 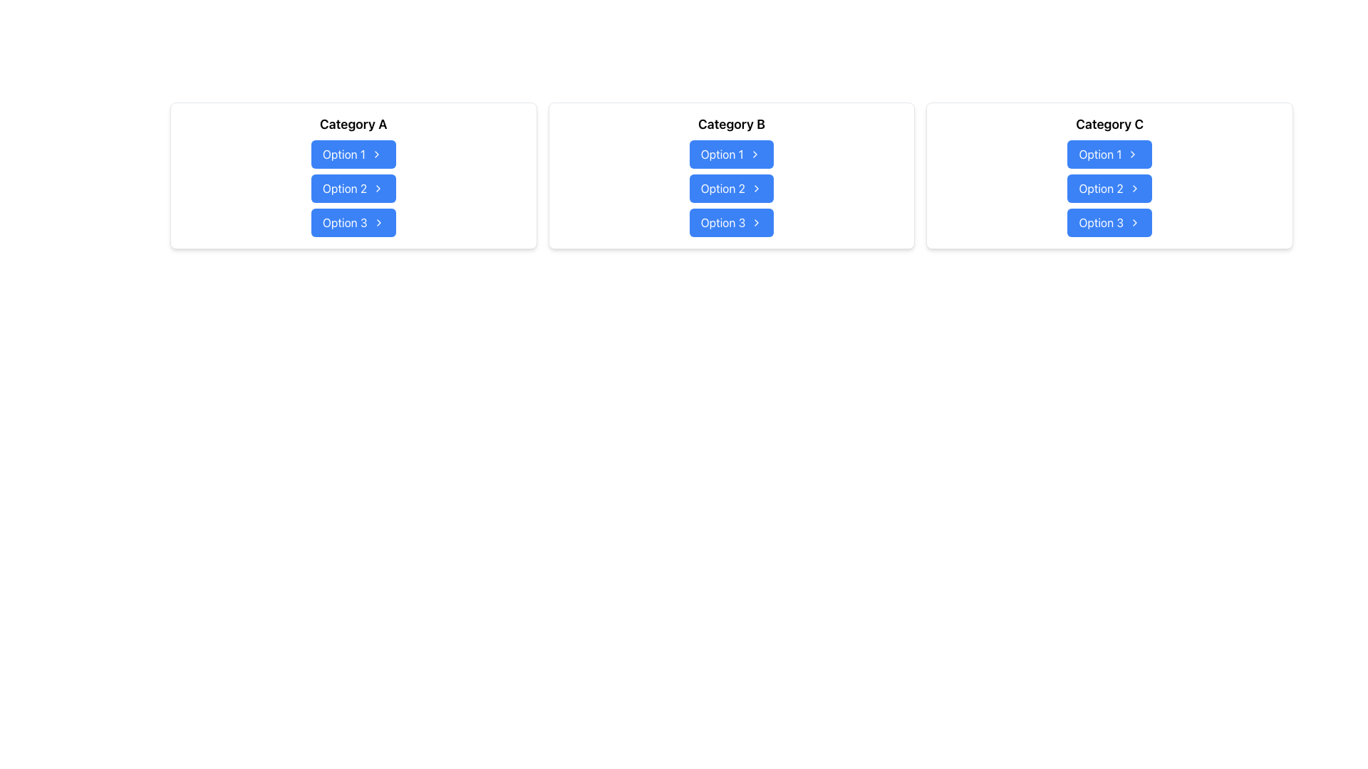 What do you see at coordinates (353, 222) in the screenshot?
I see `the 'Option 3' button with a blue background and white text` at bounding box center [353, 222].